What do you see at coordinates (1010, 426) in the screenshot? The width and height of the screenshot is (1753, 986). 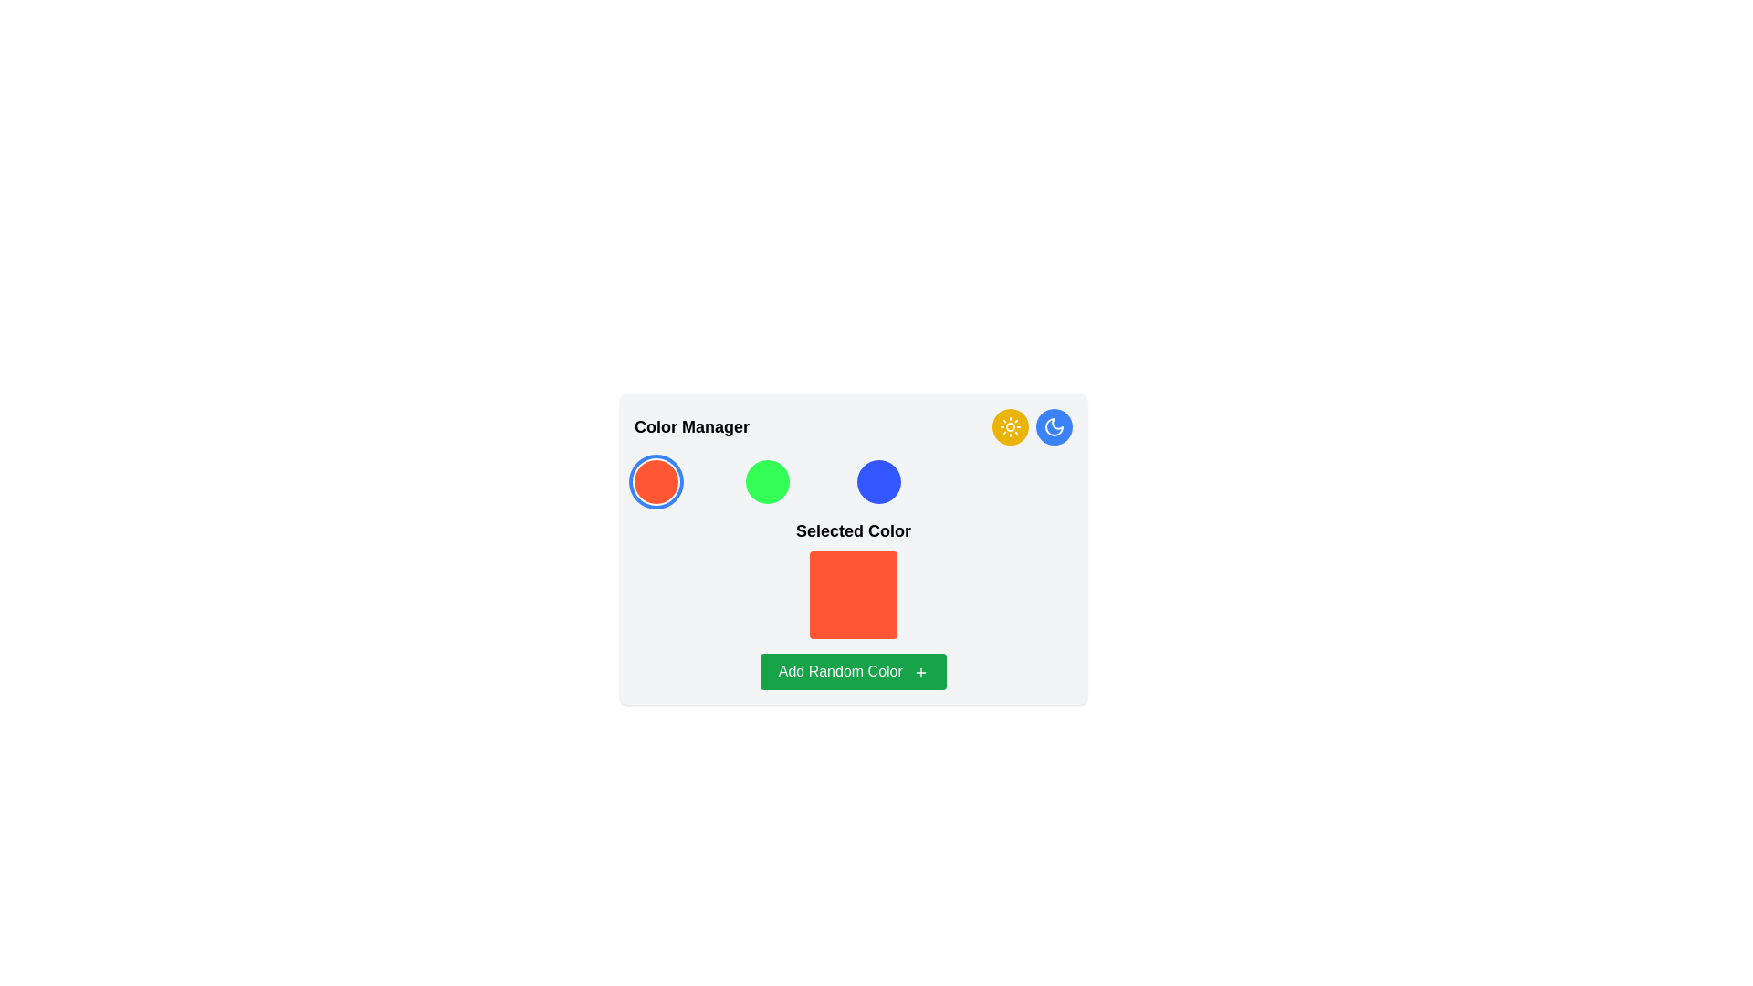 I see `the circular yellow button with a white sun icon` at bounding box center [1010, 426].